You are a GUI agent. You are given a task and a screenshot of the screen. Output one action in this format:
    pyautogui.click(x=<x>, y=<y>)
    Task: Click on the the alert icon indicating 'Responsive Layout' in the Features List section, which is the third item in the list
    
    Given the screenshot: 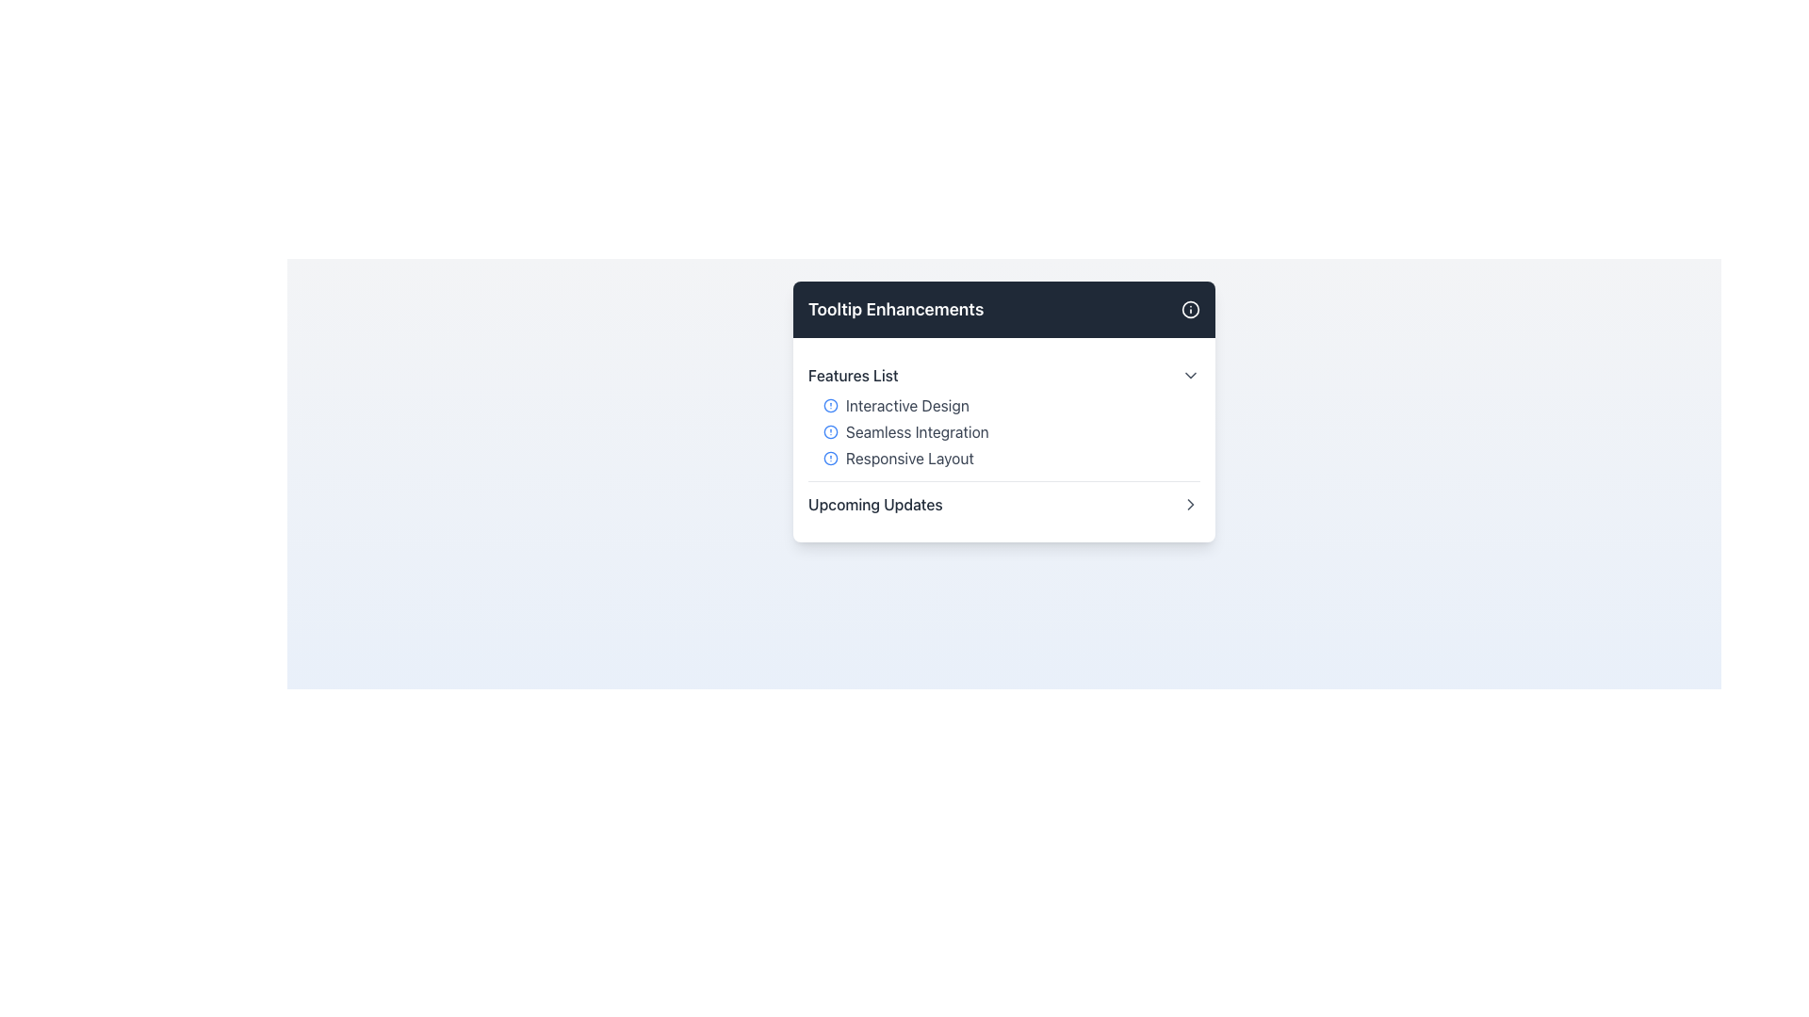 What is the action you would take?
    pyautogui.click(x=830, y=458)
    